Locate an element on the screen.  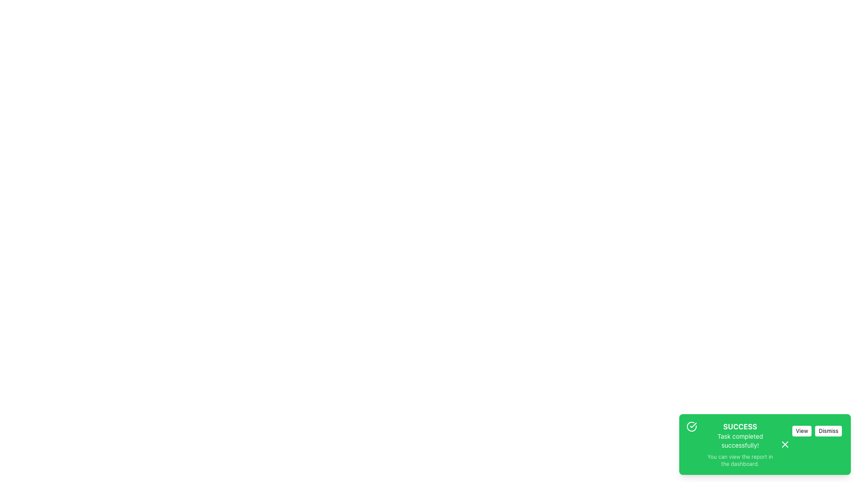
the static text element that conveys a success message, located in the green notification panel beneath the bolded text 'SUCCESS' is located at coordinates (740, 440).